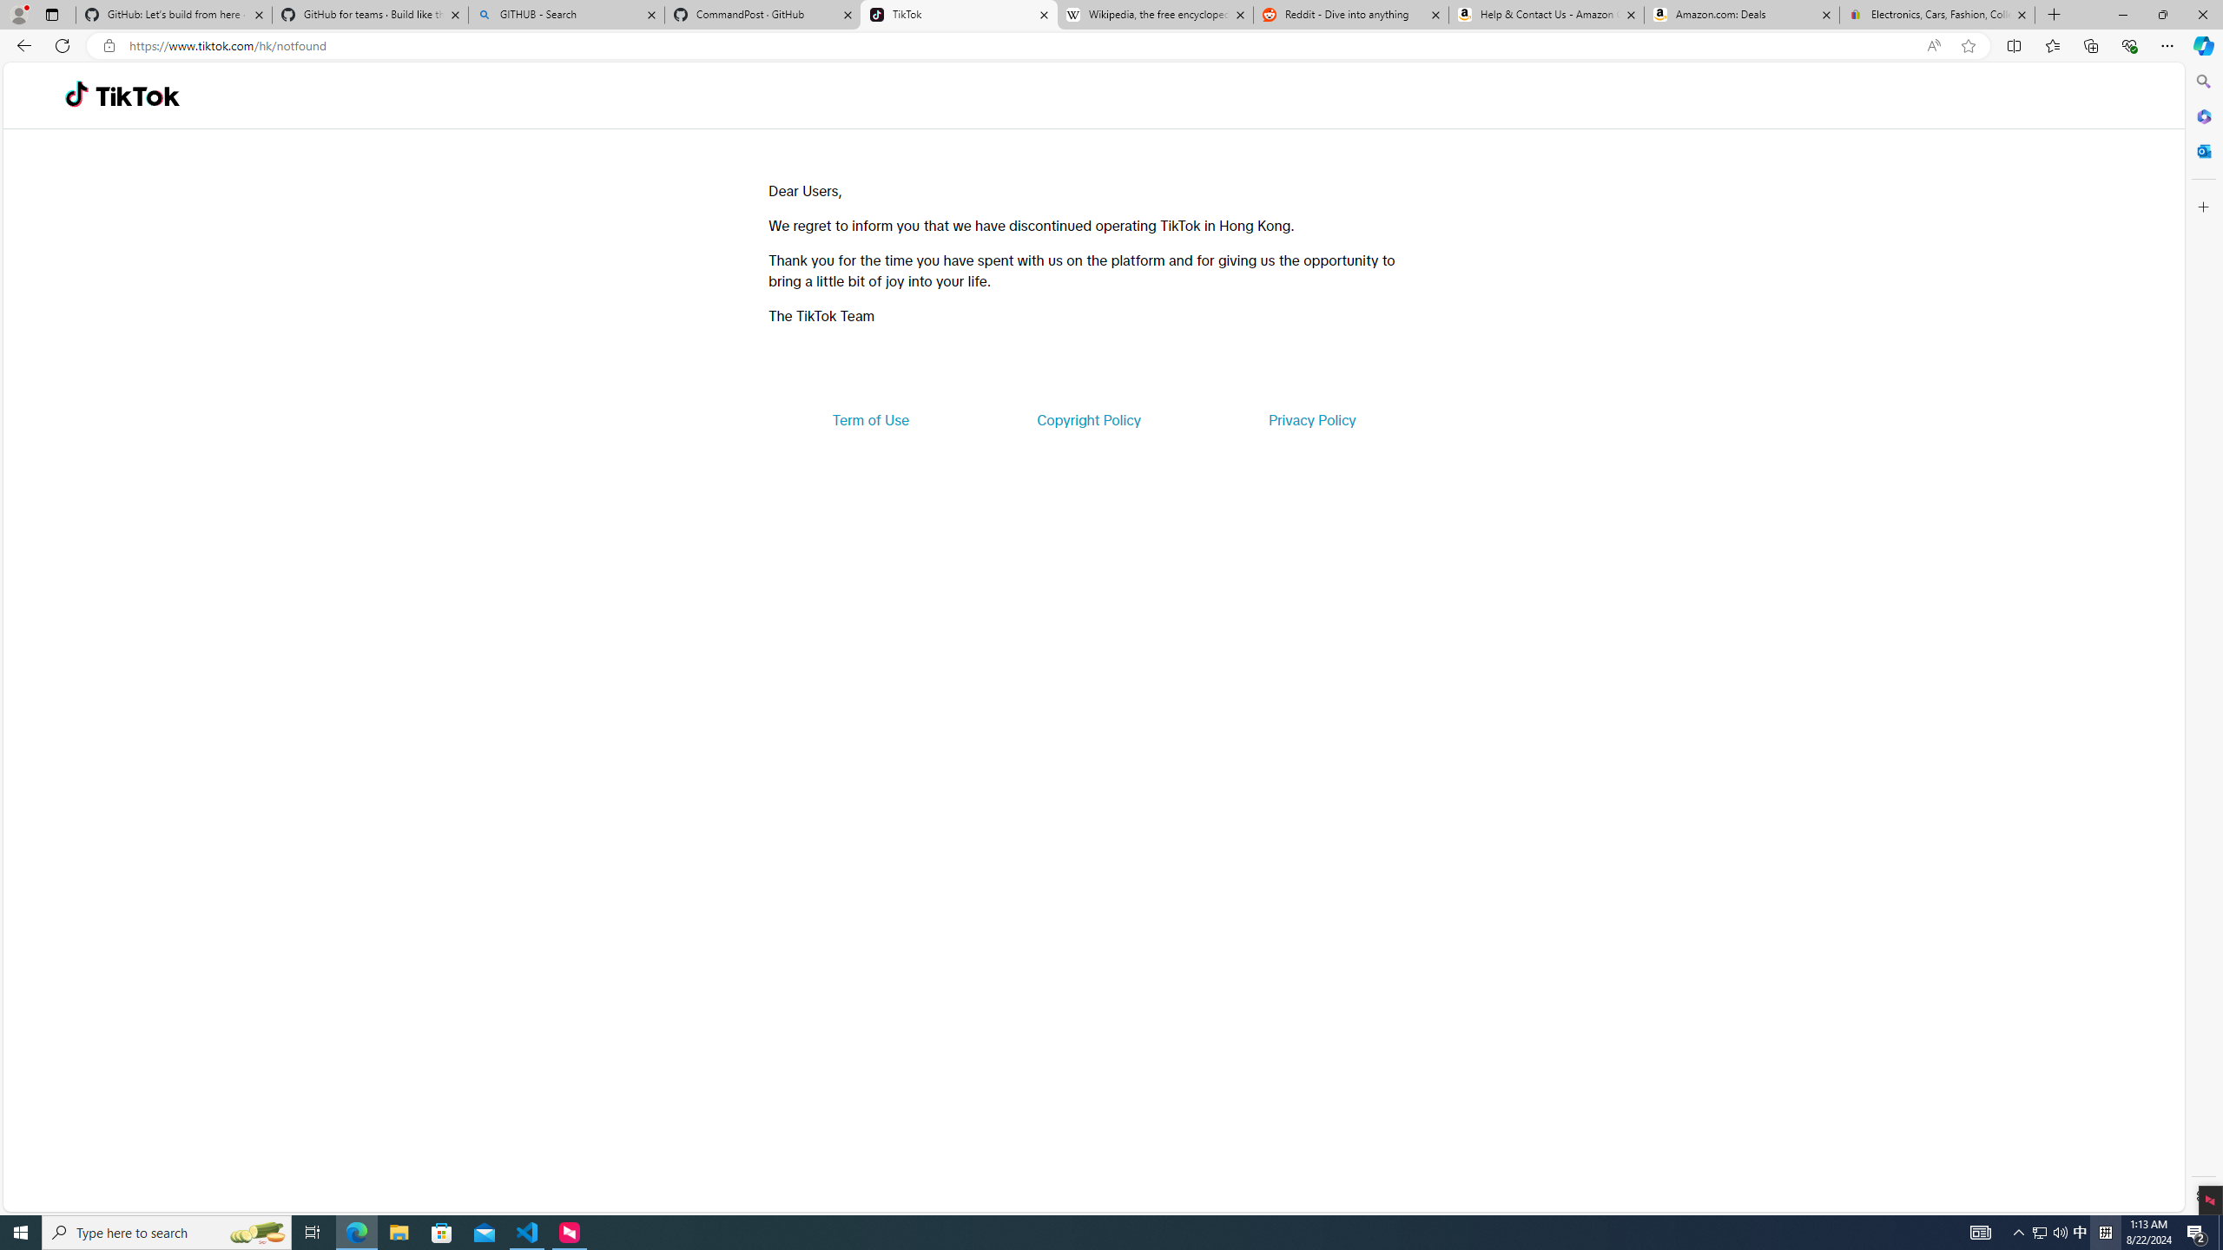 The image size is (2223, 1250). What do you see at coordinates (1546, 14) in the screenshot?
I see `'Help & Contact Us - Amazon Customer Service'` at bounding box center [1546, 14].